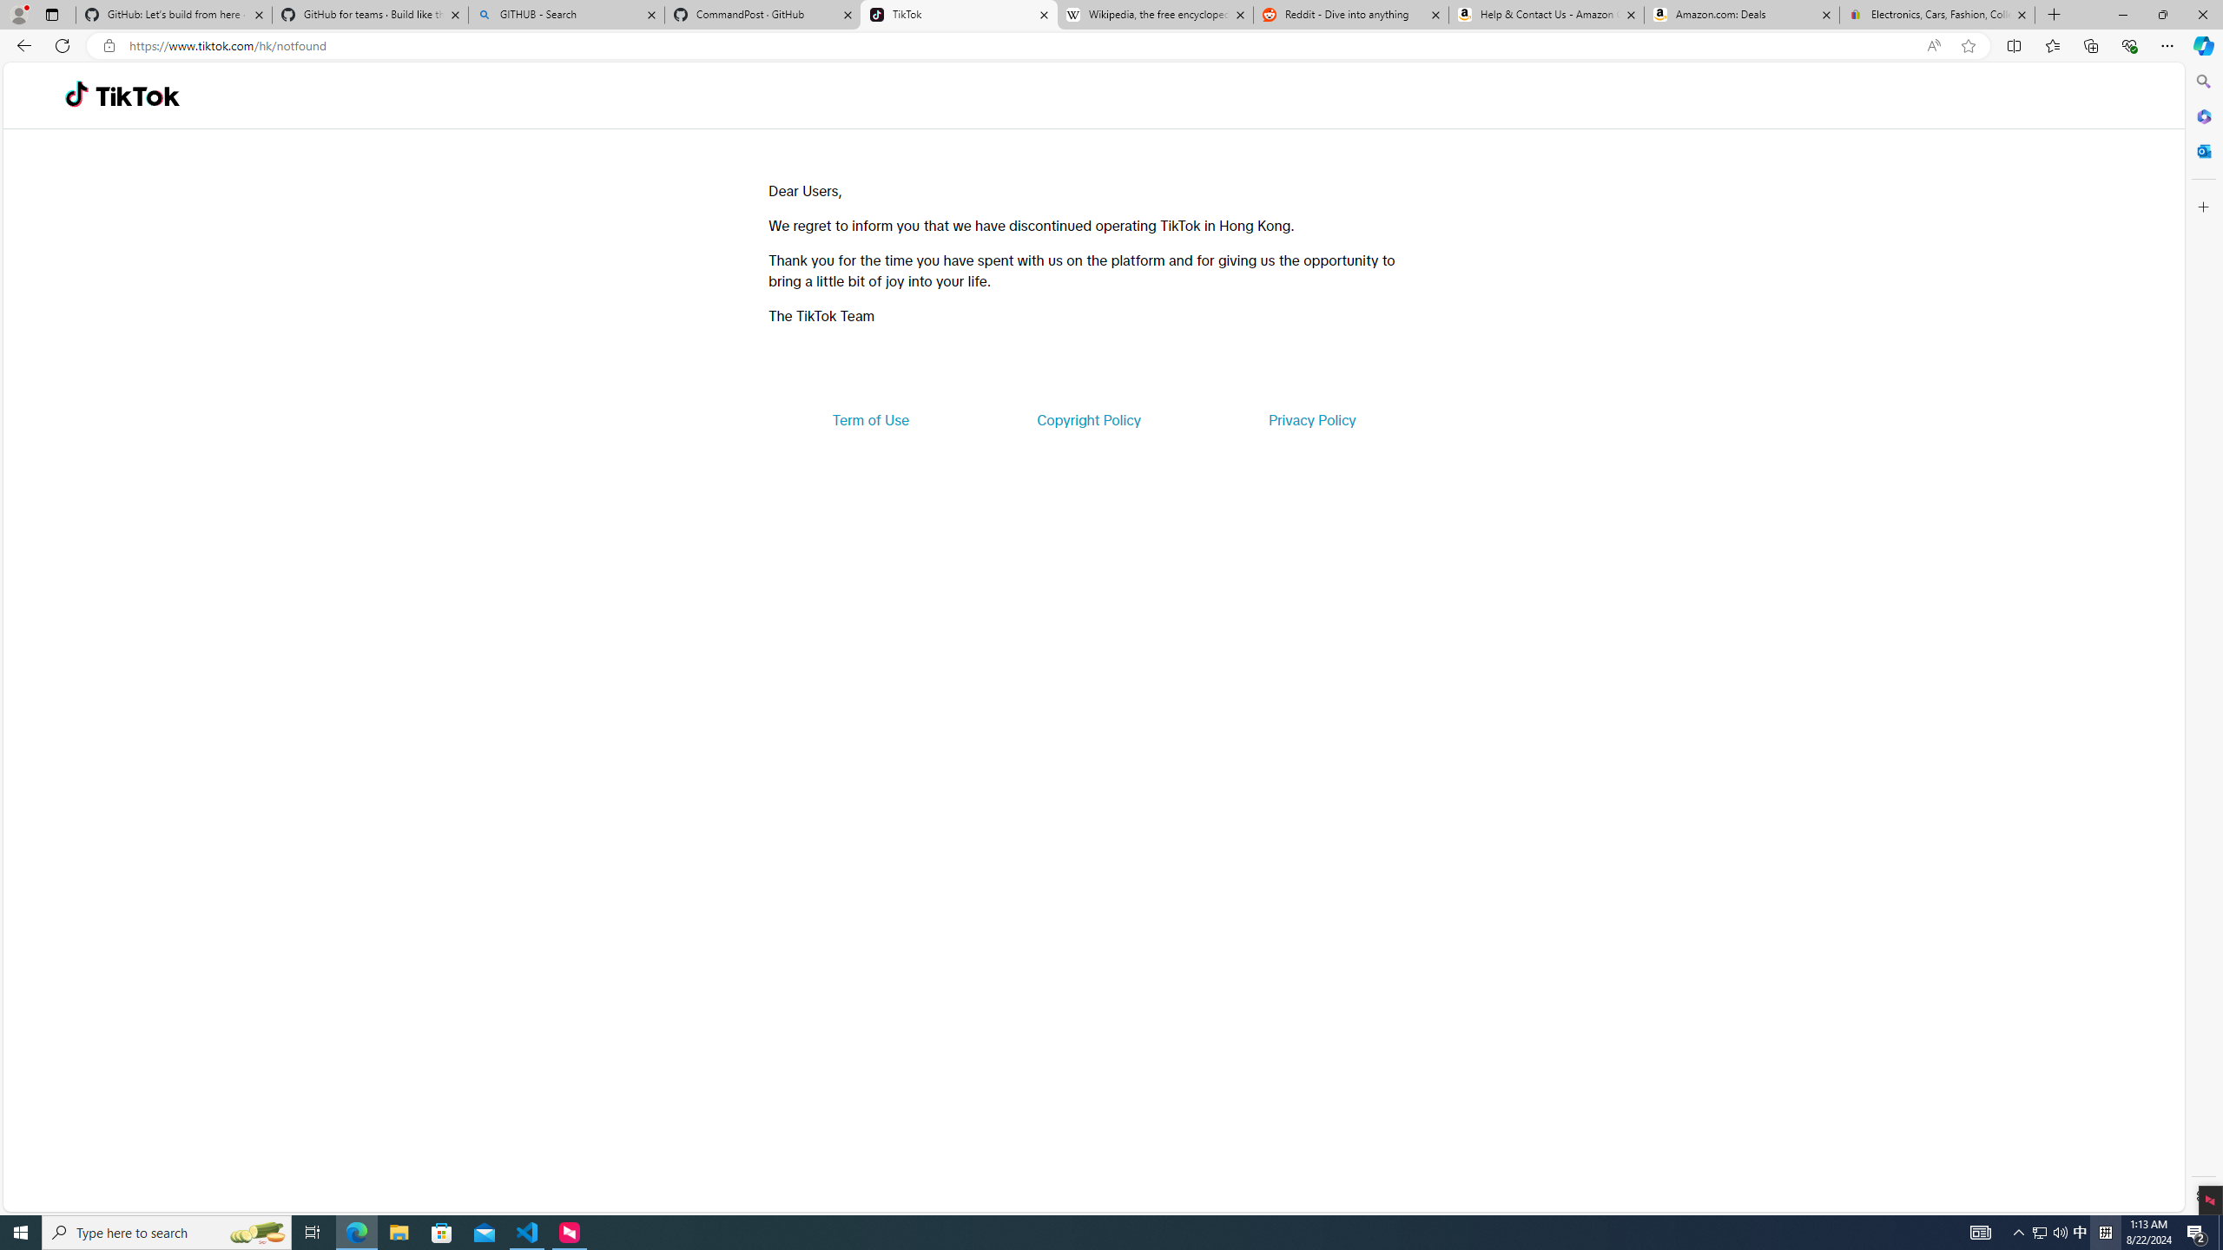 The image size is (2223, 1250). What do you see at coordinates (1546, 14) in the screenshot?
I see `'Help & Contact Us - Amazon Customer Service'` at bounding box center [1546, 14].